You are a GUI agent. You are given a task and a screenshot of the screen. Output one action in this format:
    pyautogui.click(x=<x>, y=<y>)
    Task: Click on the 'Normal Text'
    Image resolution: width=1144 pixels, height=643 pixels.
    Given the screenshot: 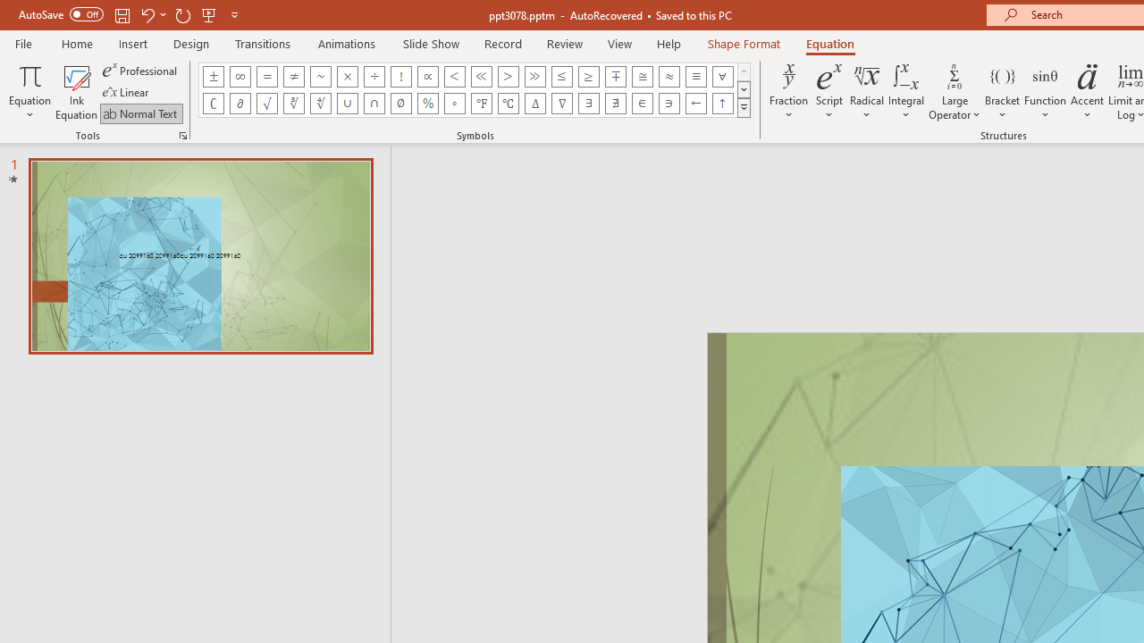 What is the action you would take?
    pyautogui.click(x=140, y=113)
    